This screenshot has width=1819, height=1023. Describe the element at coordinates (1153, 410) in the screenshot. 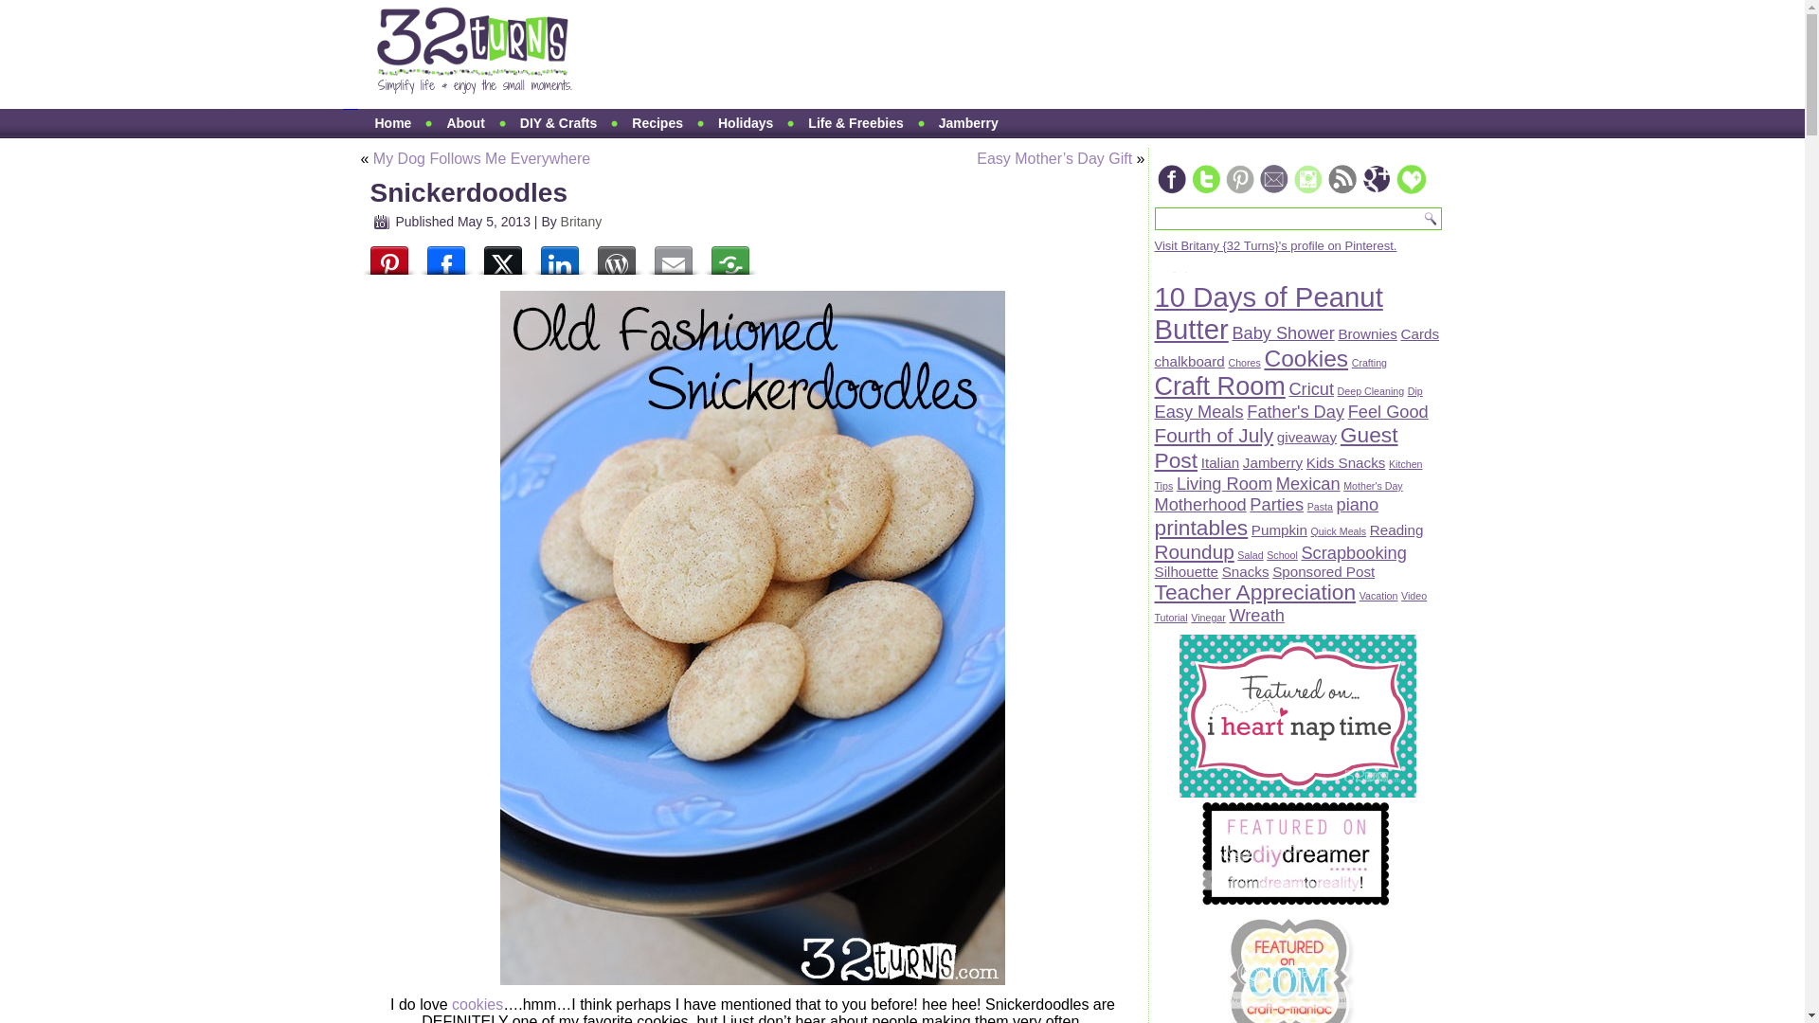

I see `'Easy Meals'` at that location.